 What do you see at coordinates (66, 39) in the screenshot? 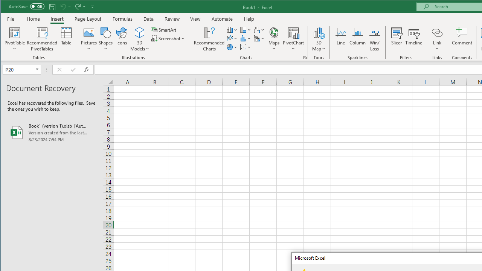
I see `'Table'` at bounding box center [66, 39].